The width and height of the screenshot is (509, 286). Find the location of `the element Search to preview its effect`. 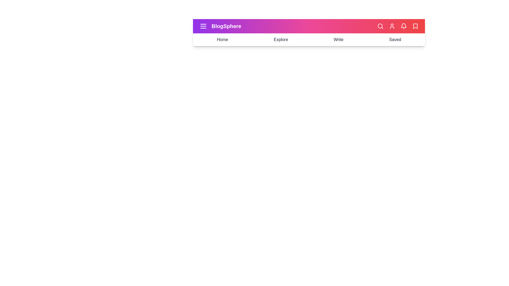

the element Search to preview its effect is located at coordinates (380, 26).